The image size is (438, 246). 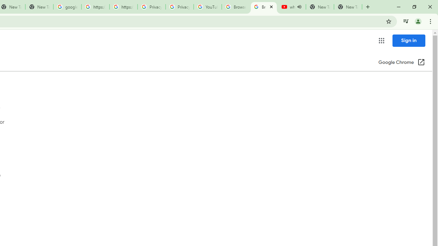 I want to click on 'https://scholar.google.com/', so click(x=95, y=7).